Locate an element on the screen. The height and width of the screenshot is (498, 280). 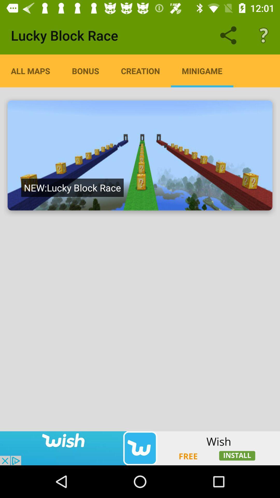
showing advertisements is located at coordinates (140, 448).